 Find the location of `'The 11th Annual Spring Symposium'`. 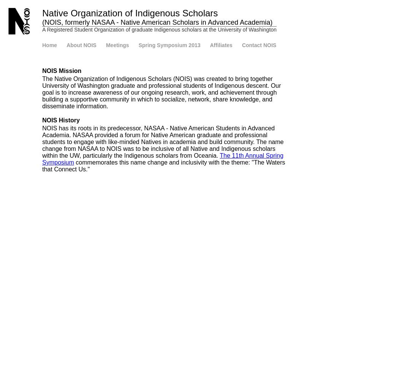

'The 11th Annual Spring Symposium' is located at coordinates (162, 159).